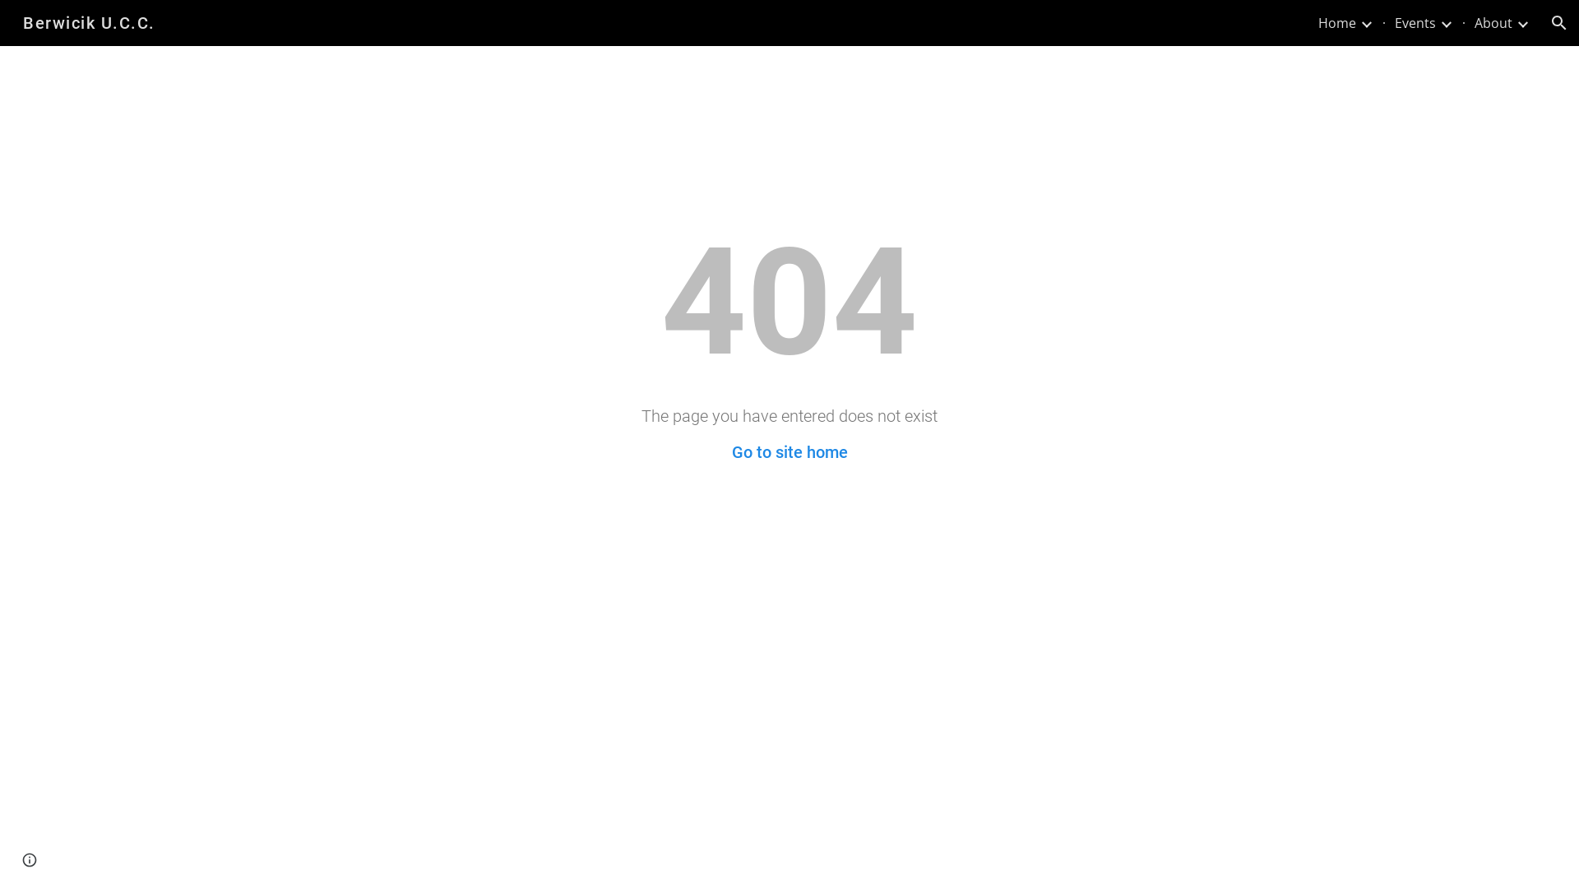  Describe the element at coordinates (1493, 22) in the screenshot. I see `'About'` at that location.